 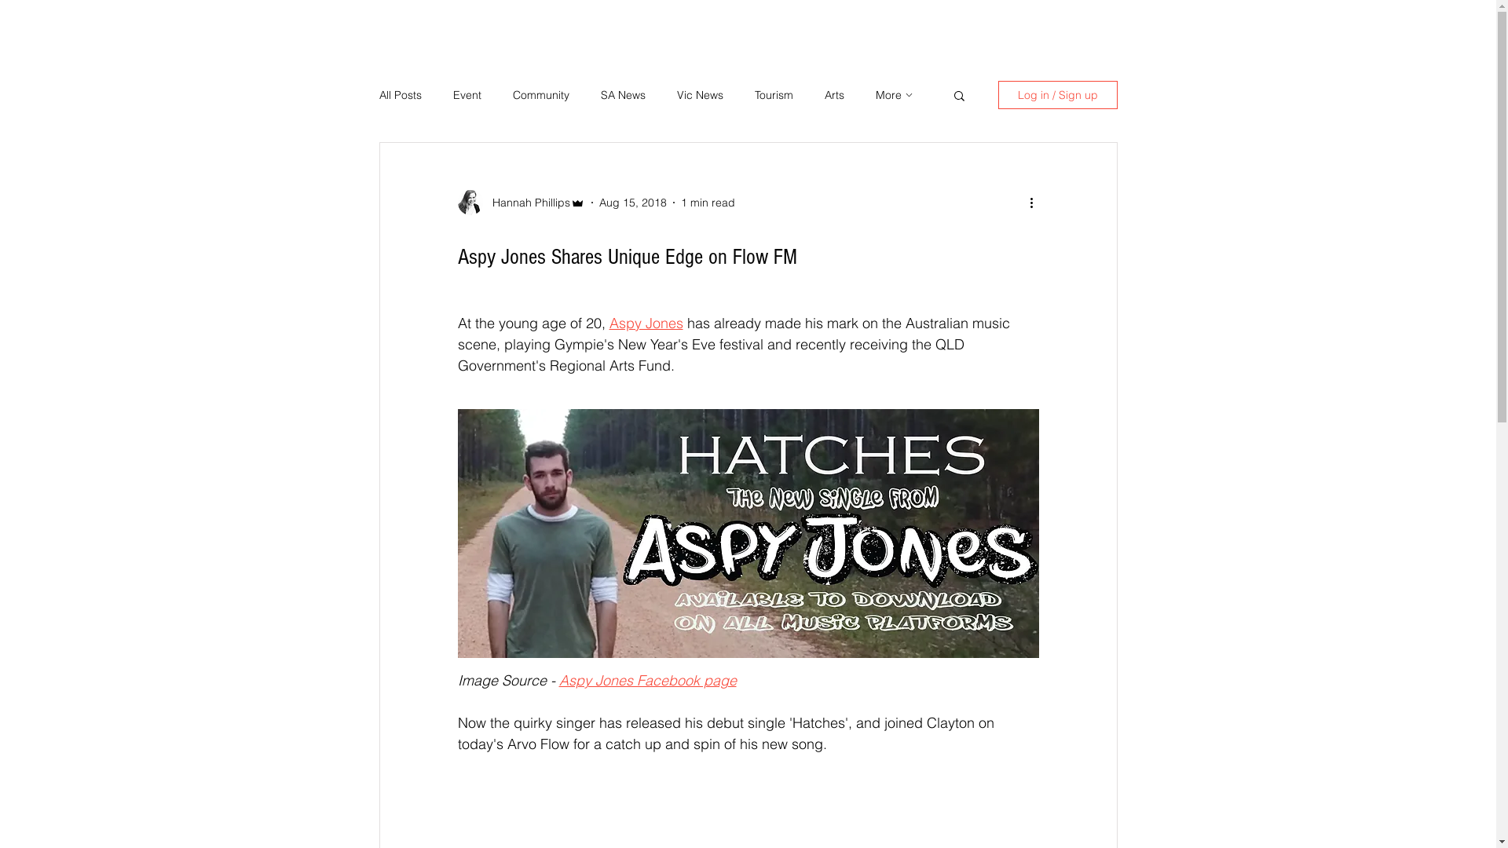 What do you see at coordinates (746, 822) in the screenshot?
I see `'remote content'` at bounding box center [746, 822].